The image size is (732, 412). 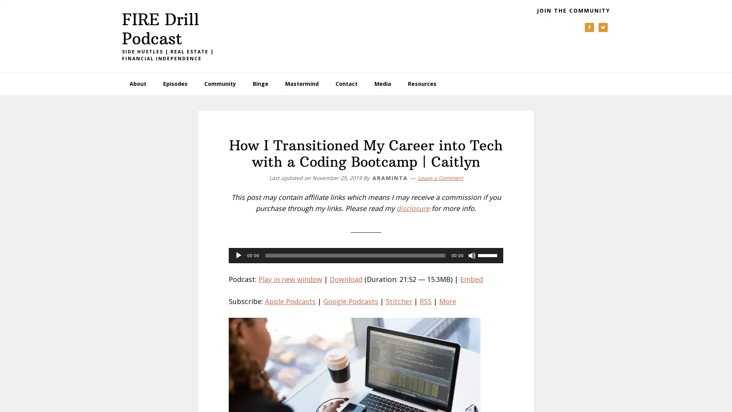 What do you see at coordinates (472, 256) in the screenshot?
I see `Mute` at bounding box center [472, 256].